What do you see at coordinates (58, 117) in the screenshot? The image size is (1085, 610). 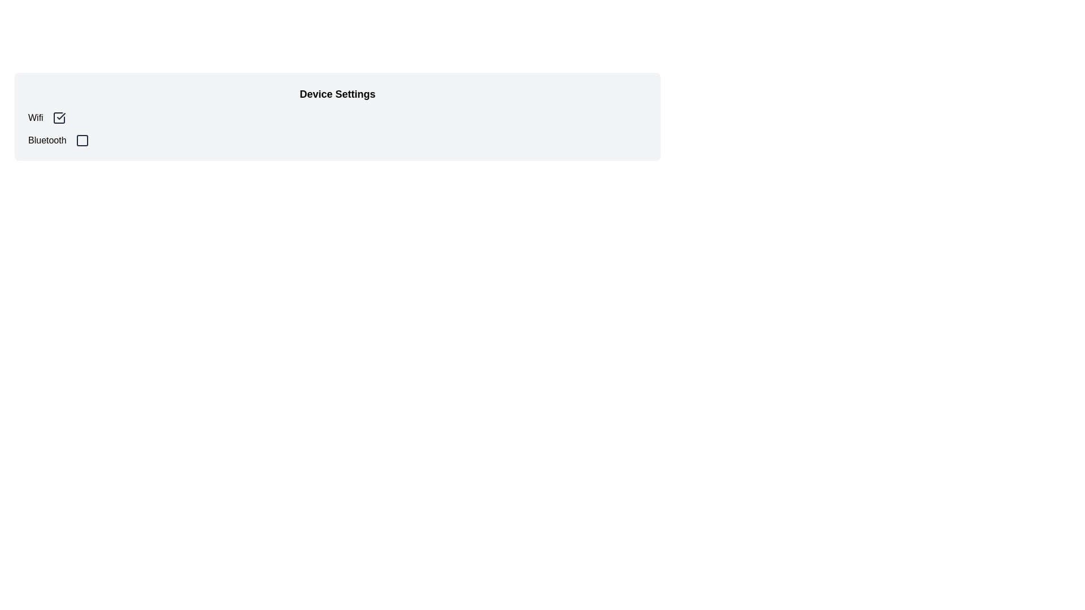 I see `the first checkbox in the 'Device Settings' section` at bounding box center [58, 117].